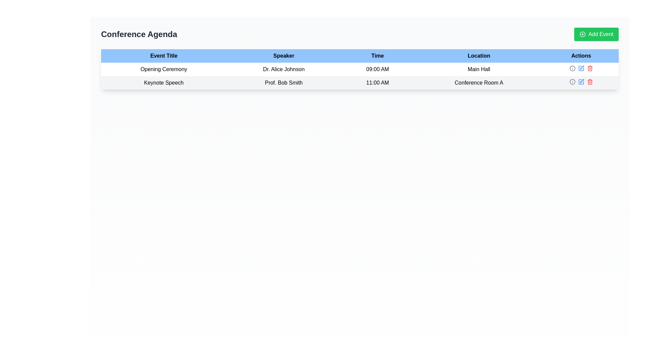  Describe the element at coordinates (284, 55) in the screenshot. I see `the label for the second column in the table header that indicates speakers associated with events, located between 'Event Title' and 'Time'` at that location.